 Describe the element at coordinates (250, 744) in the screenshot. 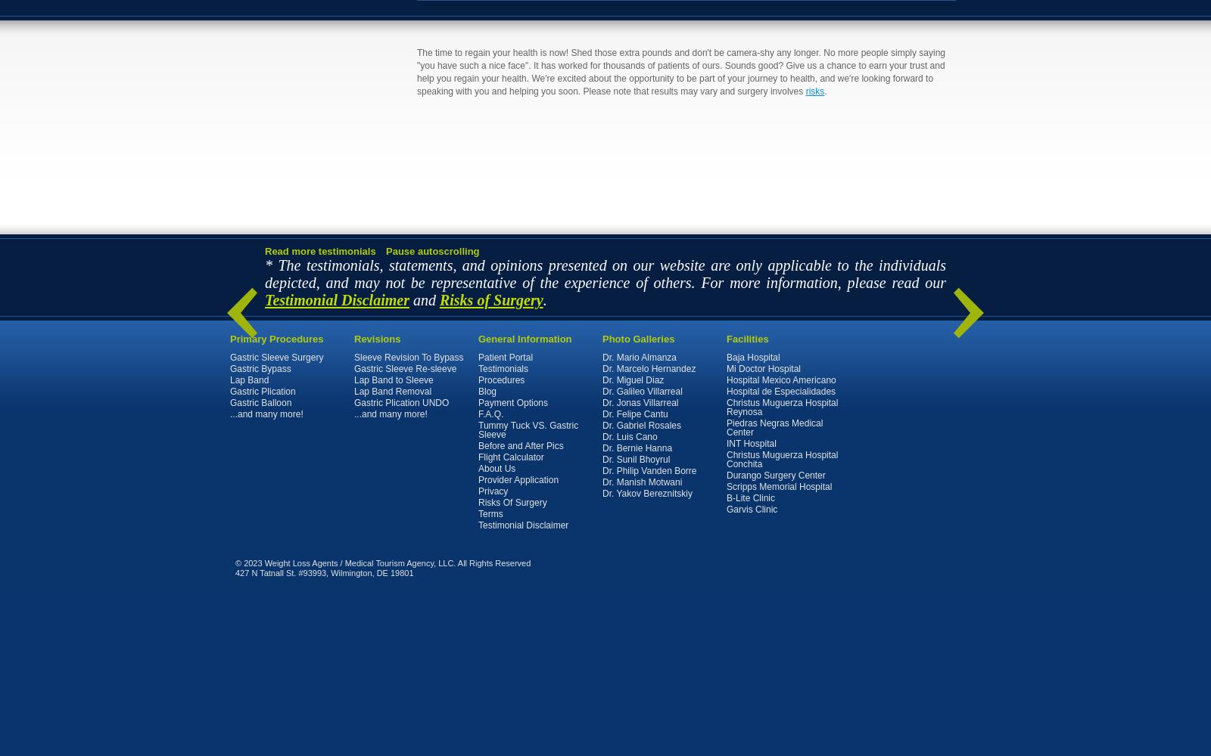

I see `'12.'` at that location.